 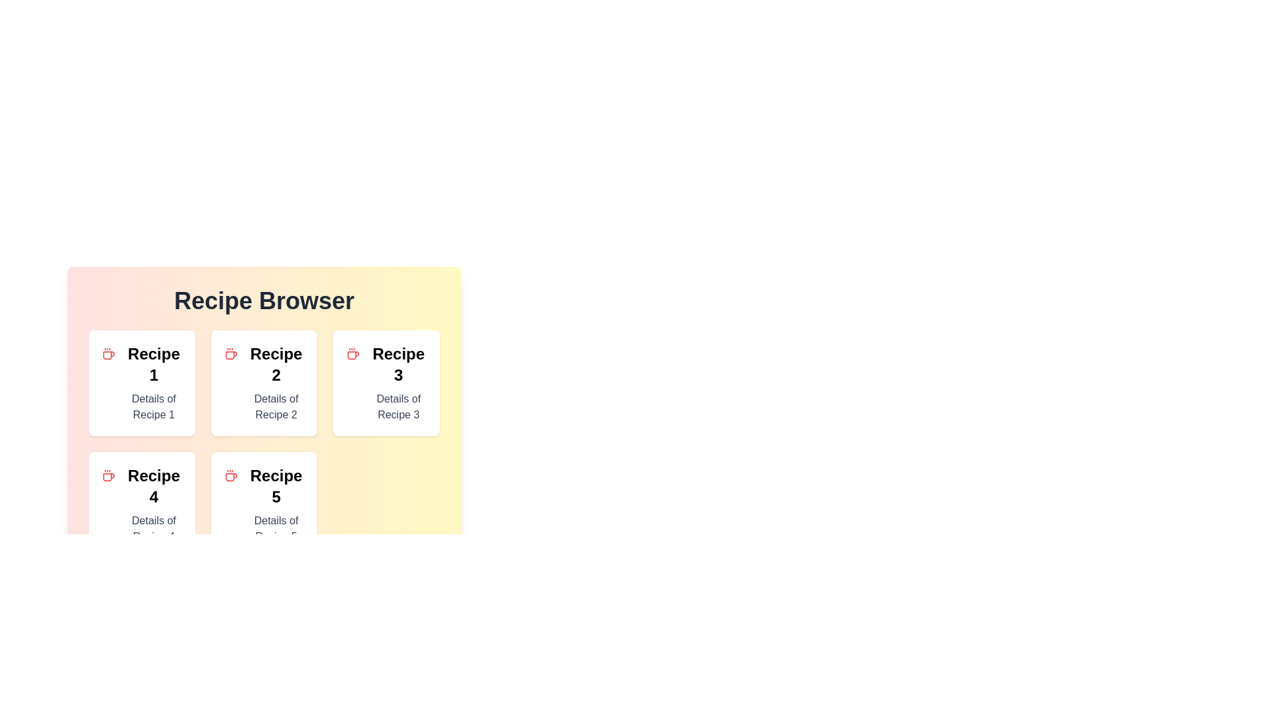 What do you see at coordinates (276, 365) in the screenshot?
I see `the 'Recipe 2' text label within the first row of the 'Recipe Browser' grid` at bounding box center [276, 365].